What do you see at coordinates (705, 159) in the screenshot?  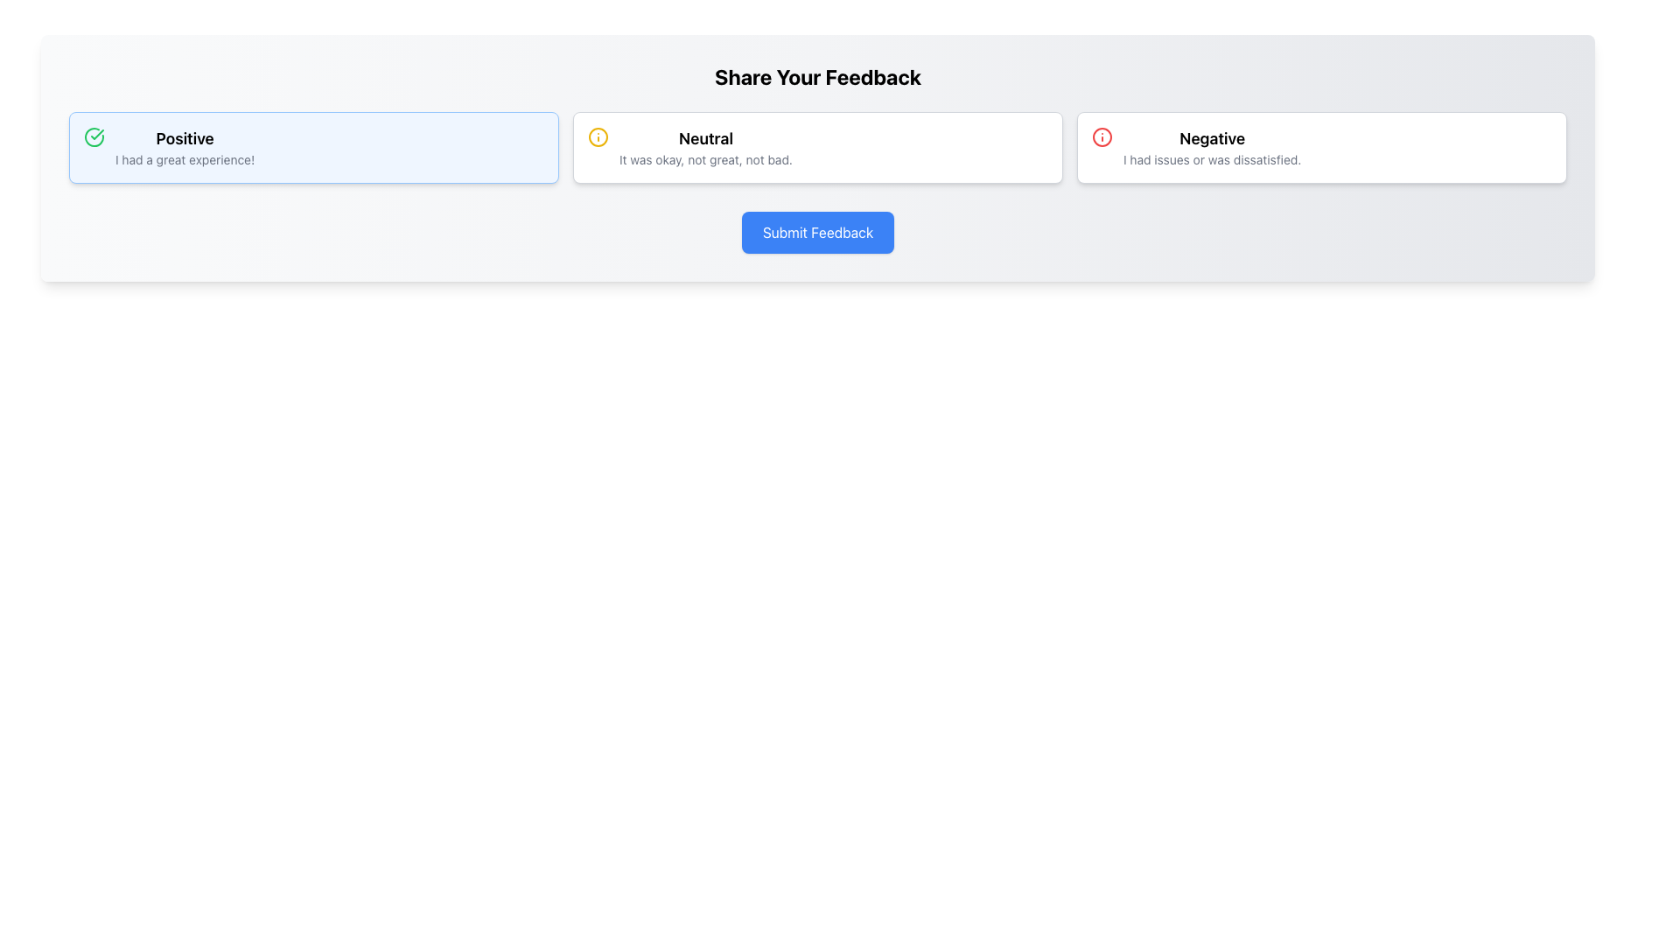 I see `the description label for the 'Neutral' feedback option, which is centrally aligned below the word 'Neutral' in the feedback card` at bounding box center [705, 159].